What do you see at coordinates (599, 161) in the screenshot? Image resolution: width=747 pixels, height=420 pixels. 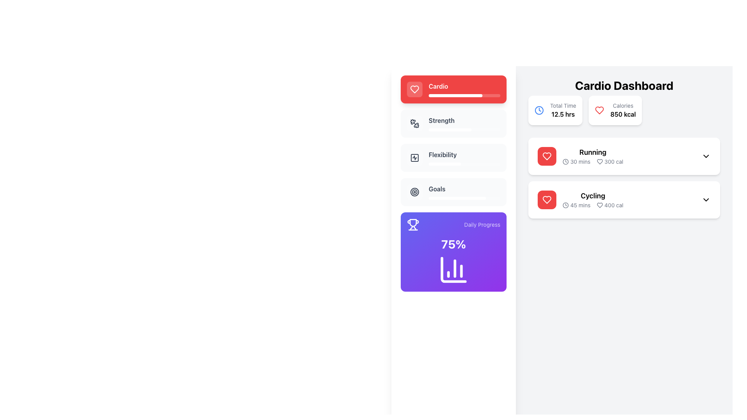 I see `the heart-shaped SVG icon to mark it as favorite, located within the right-hand card component of the Cardio Dashboard next to the 'Running' section` at bounding box center [599, 161].